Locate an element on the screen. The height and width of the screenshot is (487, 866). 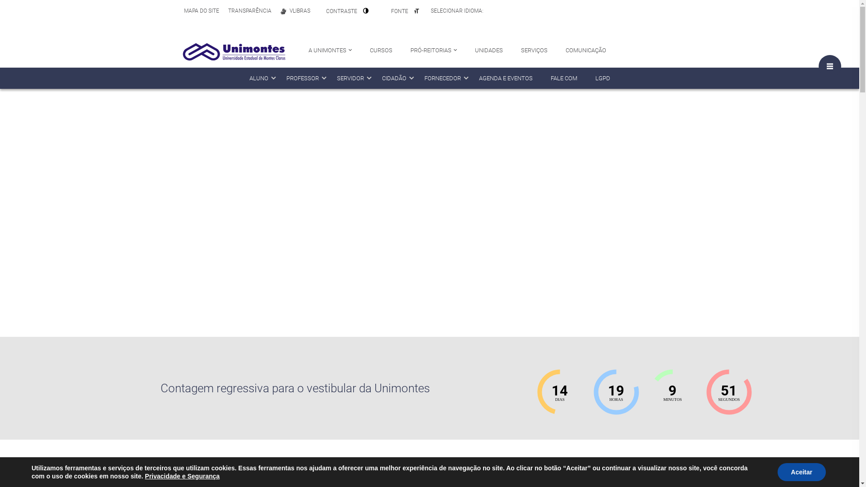
'AGENDA E EVENTOS' is located at coordinates (506, 78).